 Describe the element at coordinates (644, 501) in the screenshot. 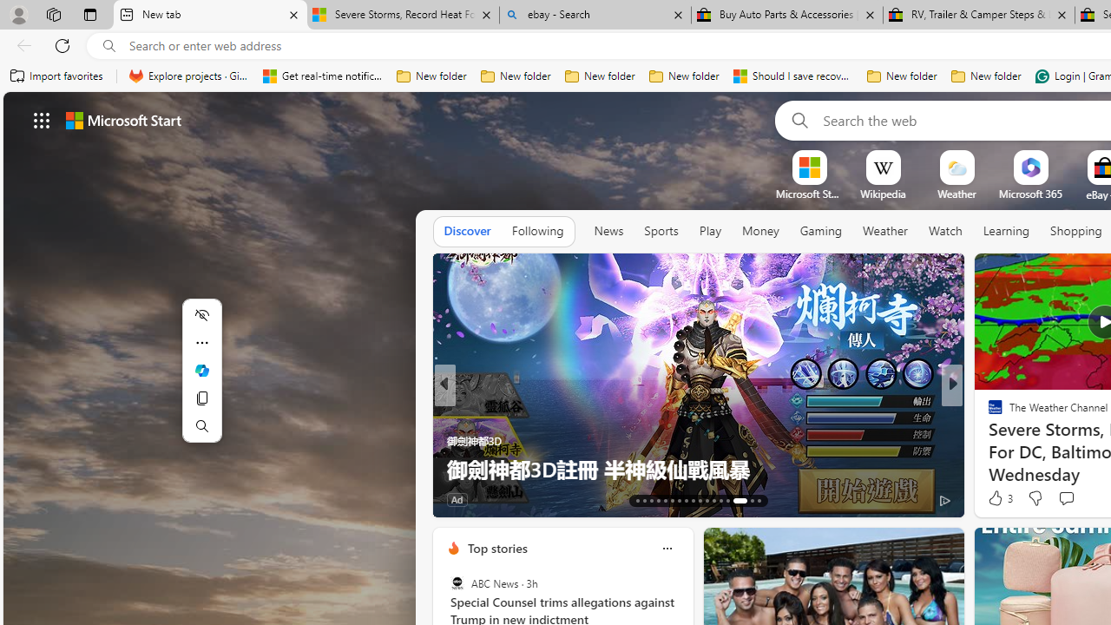

I see `'AutomationID: tab-14'` at that location.